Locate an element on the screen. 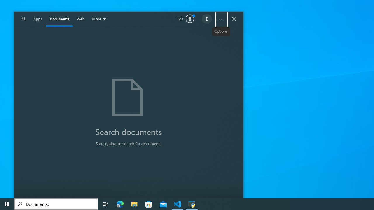  'More' is located at coordinates (100, 19).